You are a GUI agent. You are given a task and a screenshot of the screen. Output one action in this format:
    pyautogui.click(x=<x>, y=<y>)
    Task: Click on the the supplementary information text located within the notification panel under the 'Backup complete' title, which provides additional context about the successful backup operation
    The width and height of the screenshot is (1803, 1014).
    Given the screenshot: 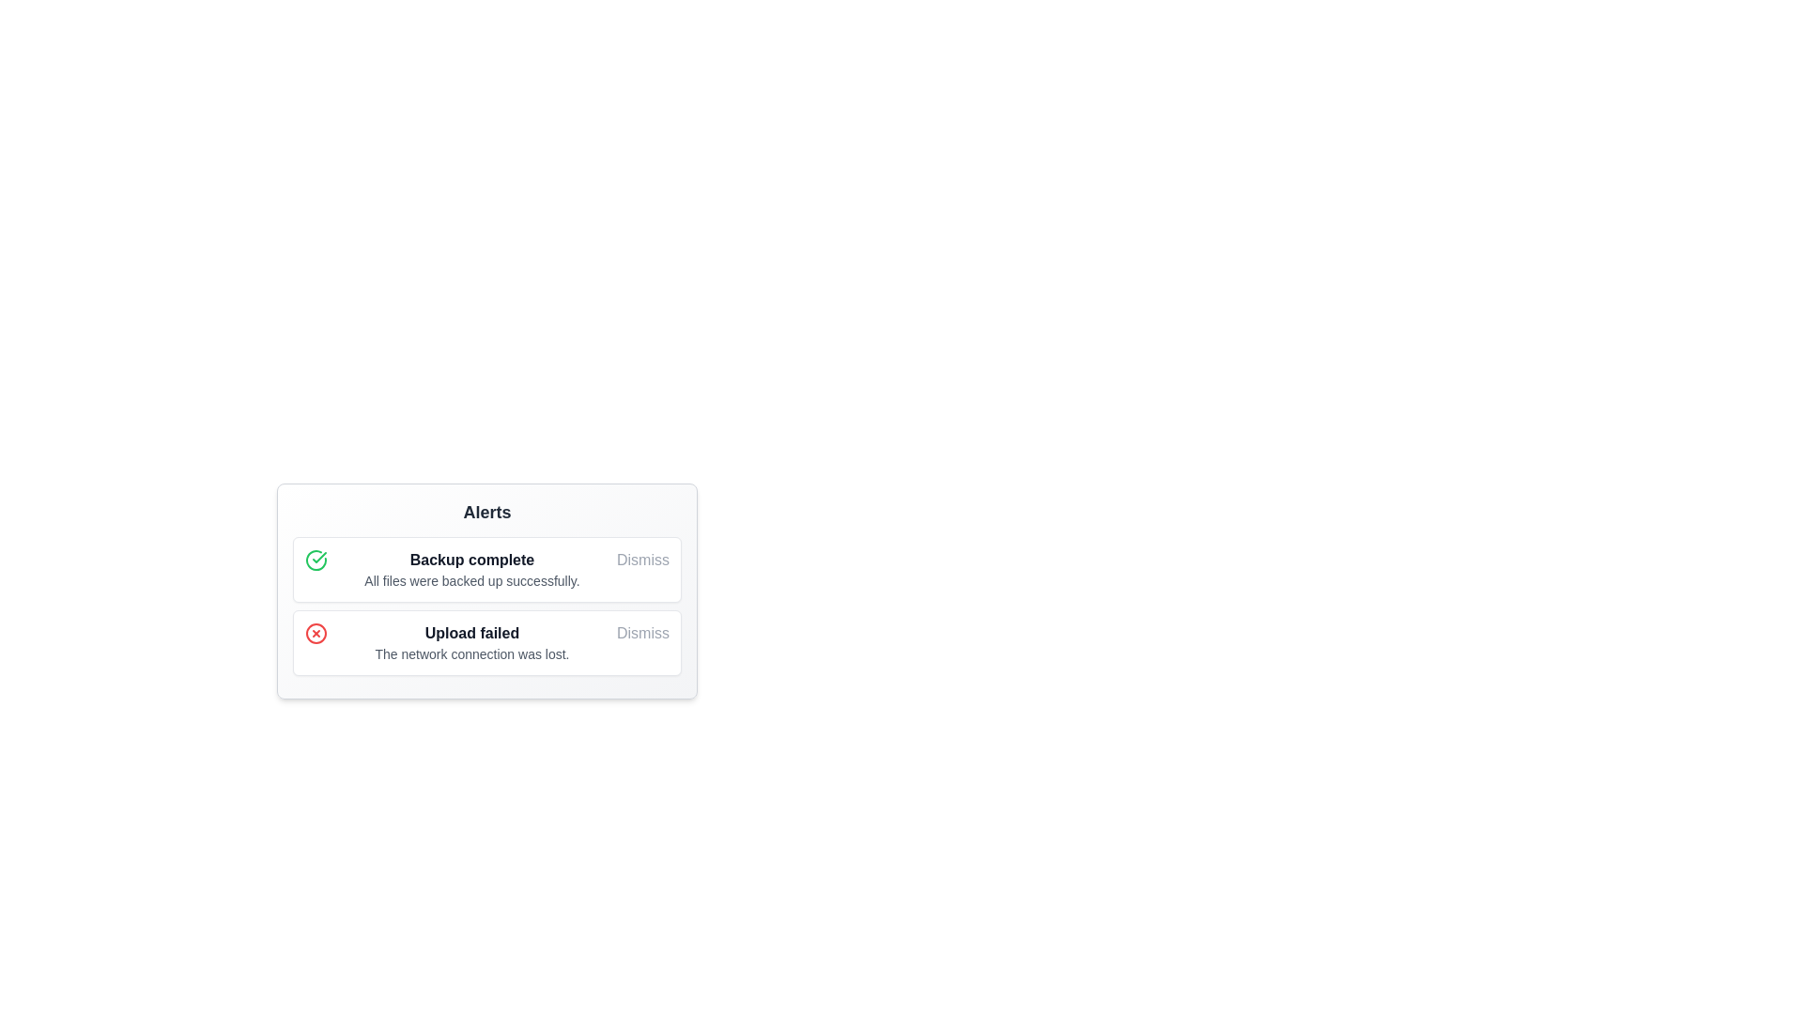 What is the action you would take?
    pyautogui.click(x=472, y=579)
    